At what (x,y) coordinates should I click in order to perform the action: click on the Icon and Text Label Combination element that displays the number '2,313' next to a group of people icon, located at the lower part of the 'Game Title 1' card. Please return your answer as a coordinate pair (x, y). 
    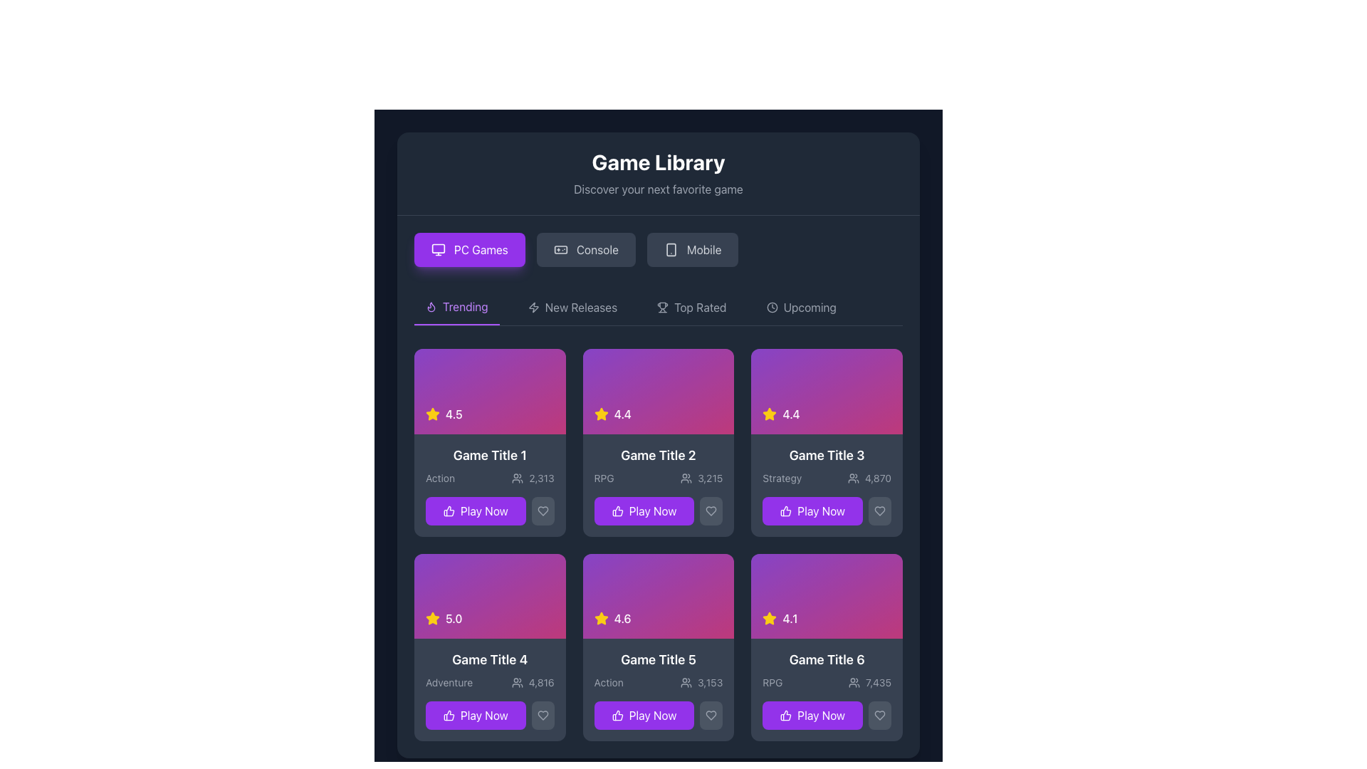
    Looking at the image, I should click on (532, 478).